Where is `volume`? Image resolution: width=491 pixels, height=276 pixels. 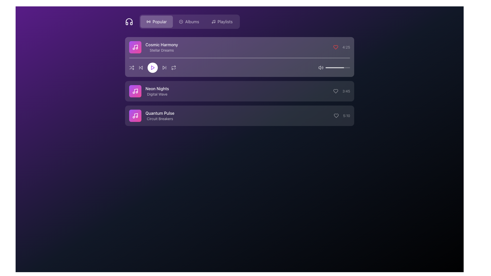
volume is located at coordinates (349, 67).